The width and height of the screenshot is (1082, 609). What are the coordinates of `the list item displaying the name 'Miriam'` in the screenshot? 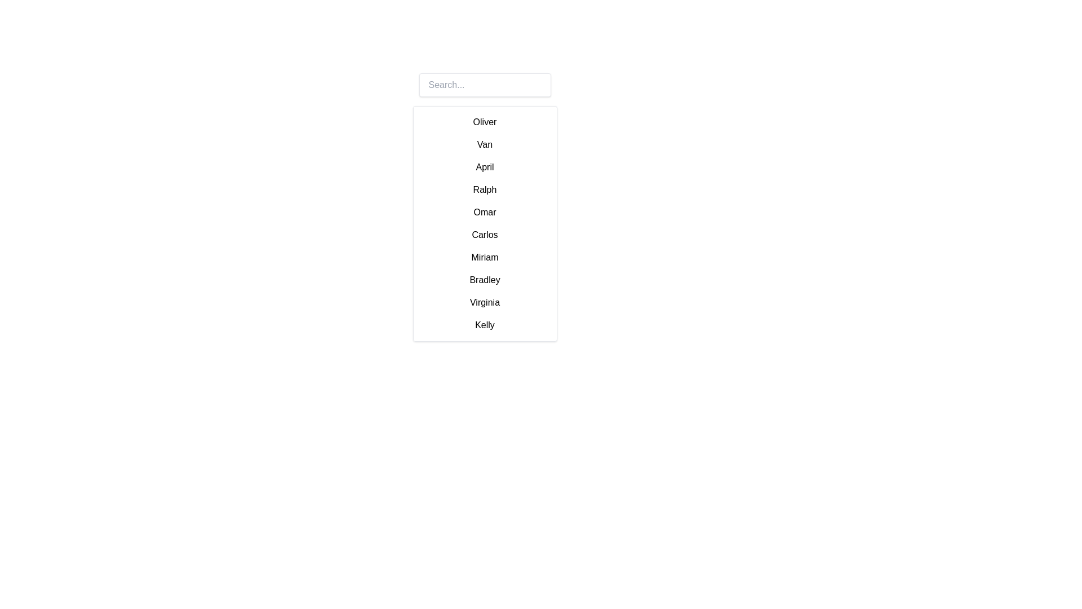 It's located at (485, 257).